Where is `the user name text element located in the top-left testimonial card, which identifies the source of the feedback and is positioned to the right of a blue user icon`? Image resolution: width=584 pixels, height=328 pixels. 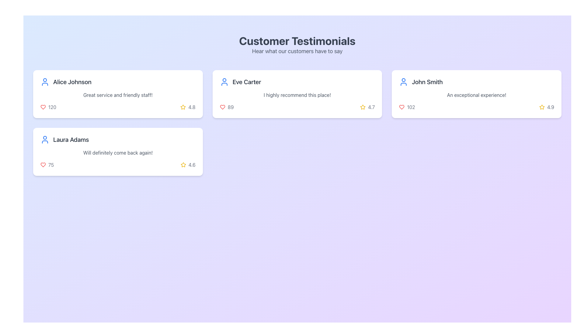
the user name text element located in the top-left testimonial card, which identifies the source of the feedback and is positioned to the right of a blue user icon is located at coordinates (72, 82).